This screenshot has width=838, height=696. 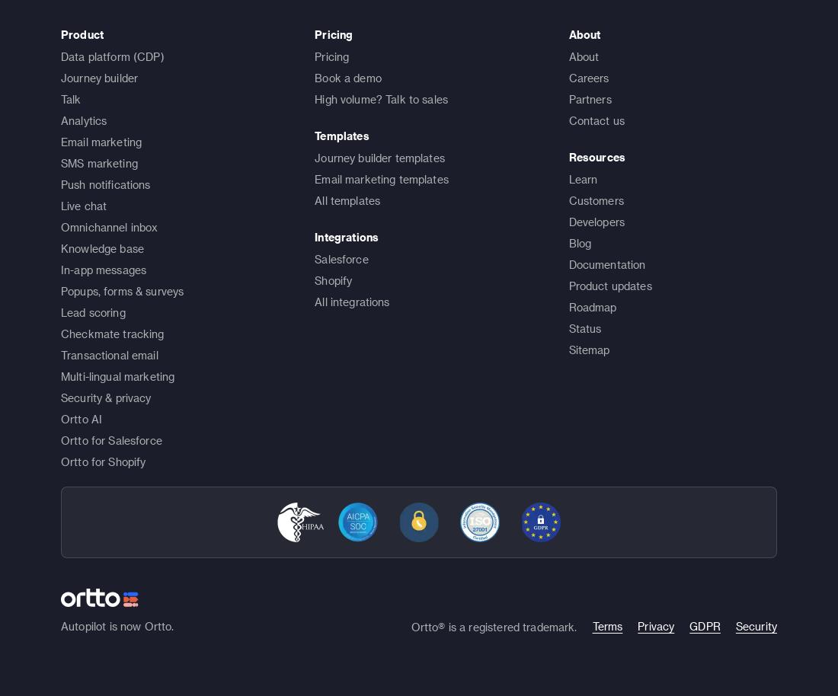 I want to click on 'Roadmap', so click(x=592, y=306).